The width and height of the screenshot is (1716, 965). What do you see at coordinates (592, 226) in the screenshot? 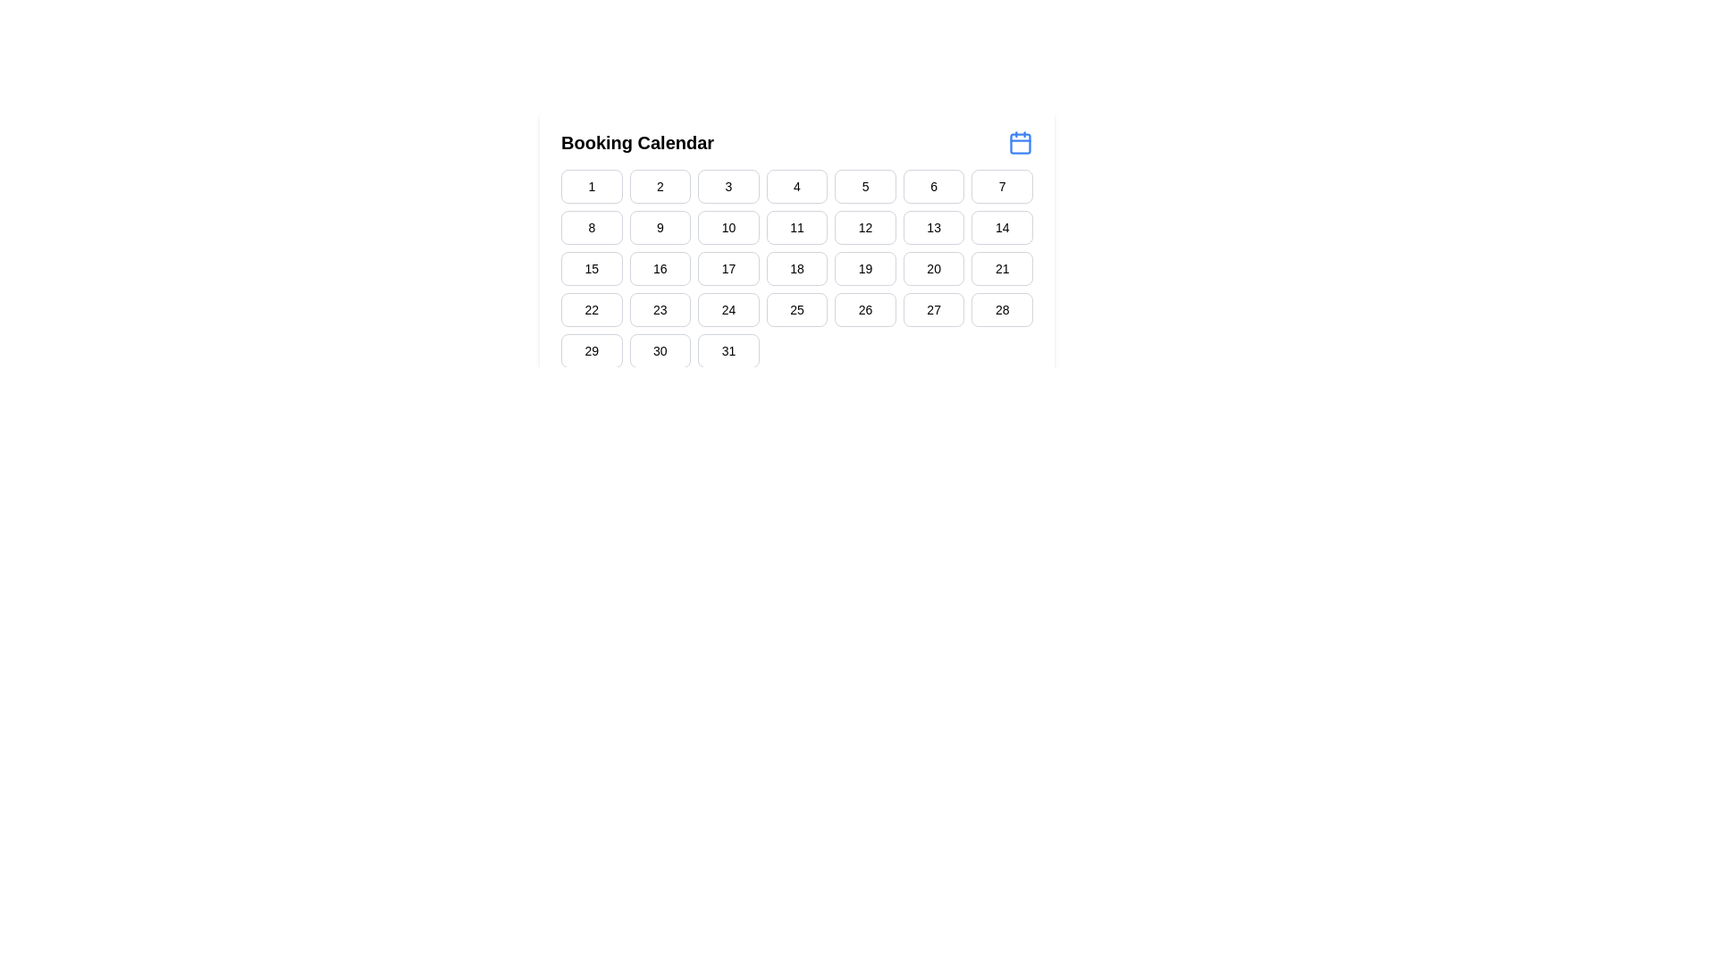
I see `the button used to select the date '8' in the calendar interface for accessibility navigation` at bounding box center [592, 226].